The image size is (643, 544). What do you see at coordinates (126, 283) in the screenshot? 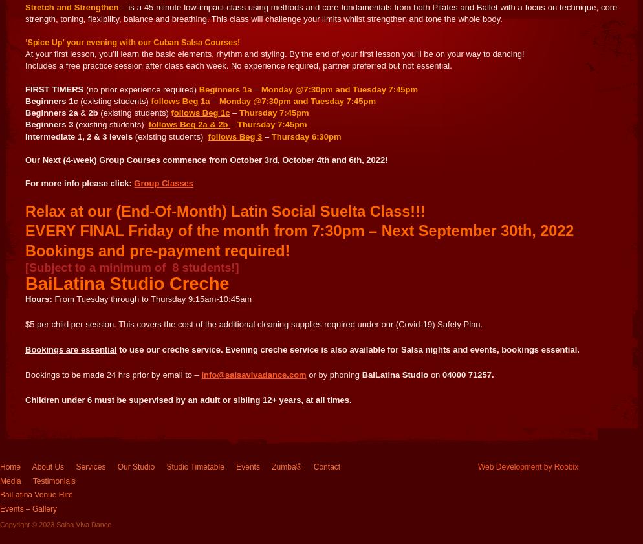
I see `'BaiLatina Studio Creche'` at bounding box center [126, 283].